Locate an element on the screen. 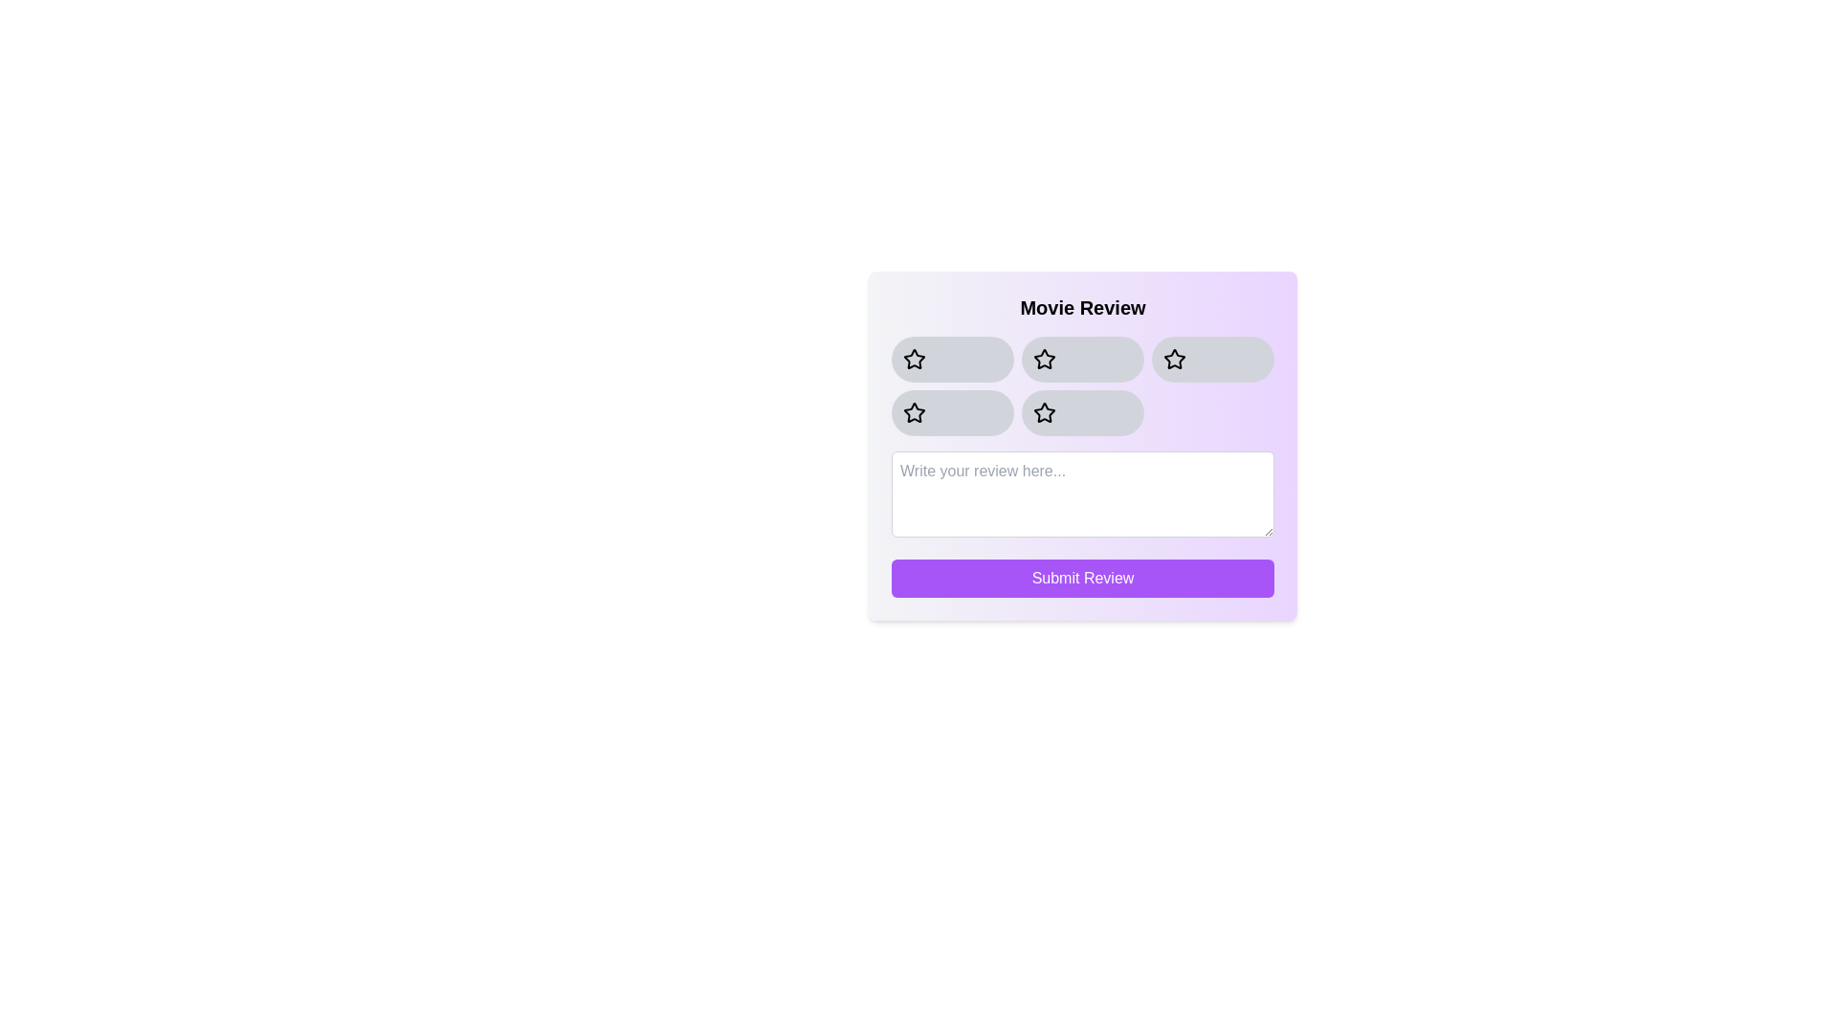 This screenshot has height=1033, width=1837. the text area and type the review text is located at coordinates (1083, 493).